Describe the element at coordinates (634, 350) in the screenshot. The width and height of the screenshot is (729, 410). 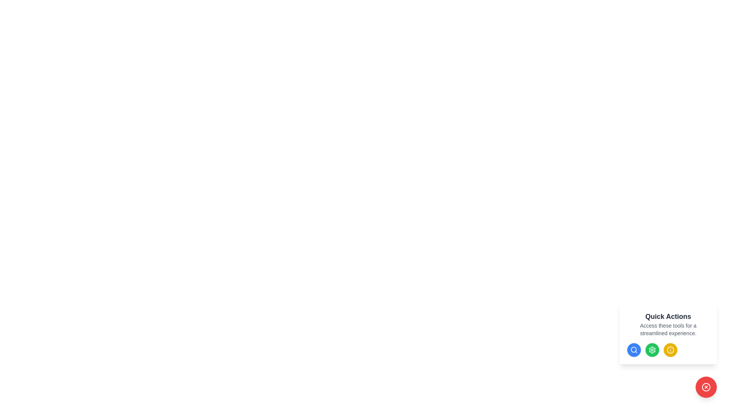
I see `the search icon, which resembles a magnifying glass, to trigger a tooltip or visual effect` at that location.